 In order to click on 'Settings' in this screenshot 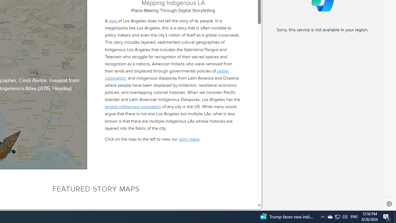, I will do `click(389, 204)`.